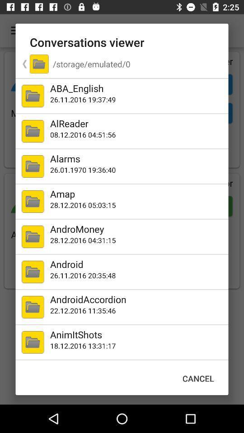 The image size is (244, 433). I want to click on item below 26 01 1970 icon, so click(137, 193).